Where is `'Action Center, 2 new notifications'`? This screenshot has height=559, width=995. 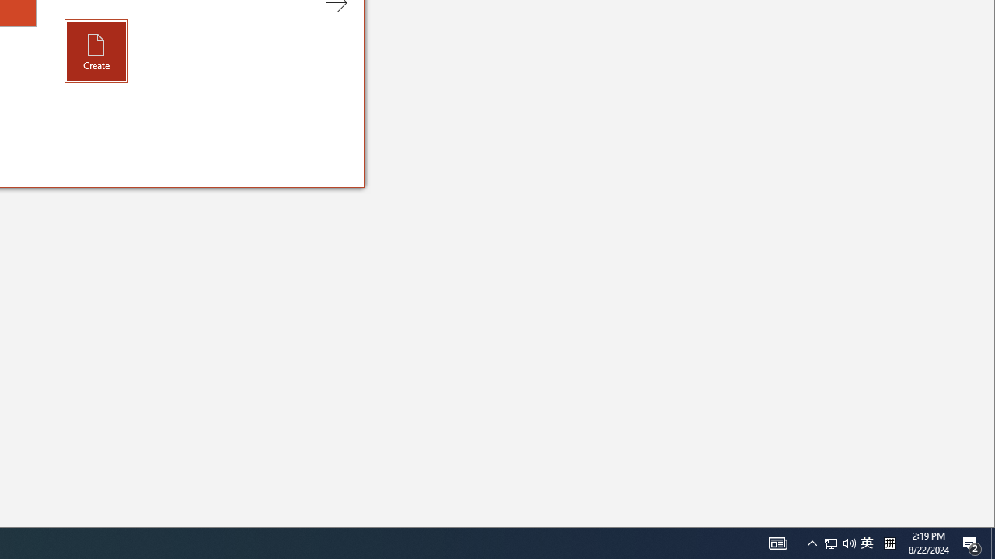 'Action Center, 2 new notifications' is located at coordinates (972, 542).